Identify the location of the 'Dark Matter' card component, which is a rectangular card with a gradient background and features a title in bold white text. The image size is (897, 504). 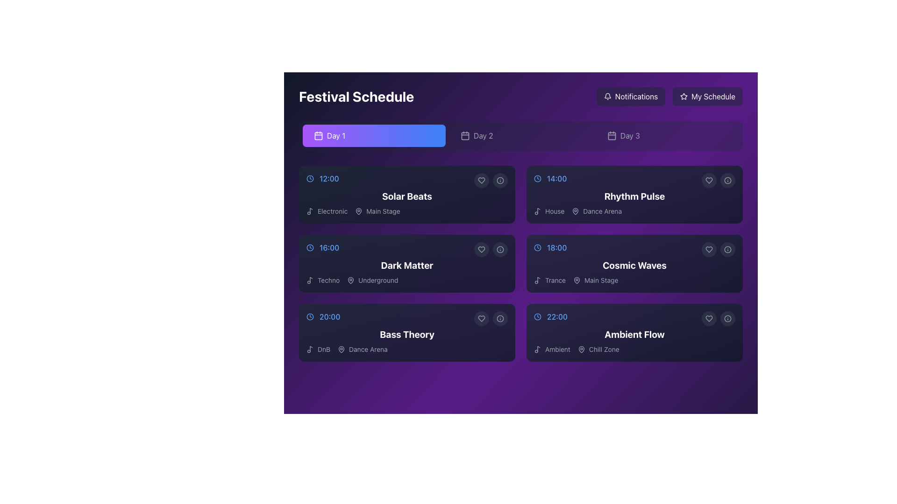
(407, 263).